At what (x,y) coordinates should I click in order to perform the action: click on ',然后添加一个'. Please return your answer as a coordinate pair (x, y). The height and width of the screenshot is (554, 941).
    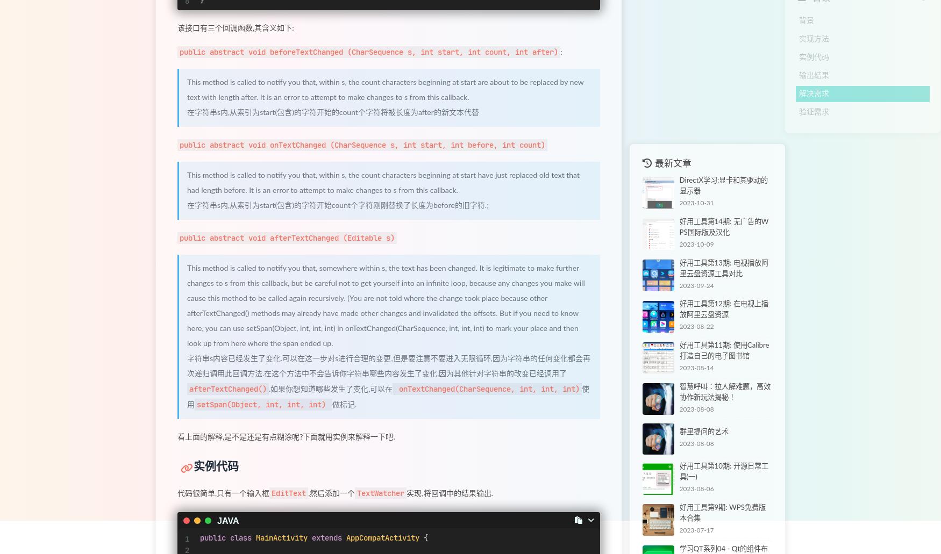
    Looking at the image, I should click on (308, 494).